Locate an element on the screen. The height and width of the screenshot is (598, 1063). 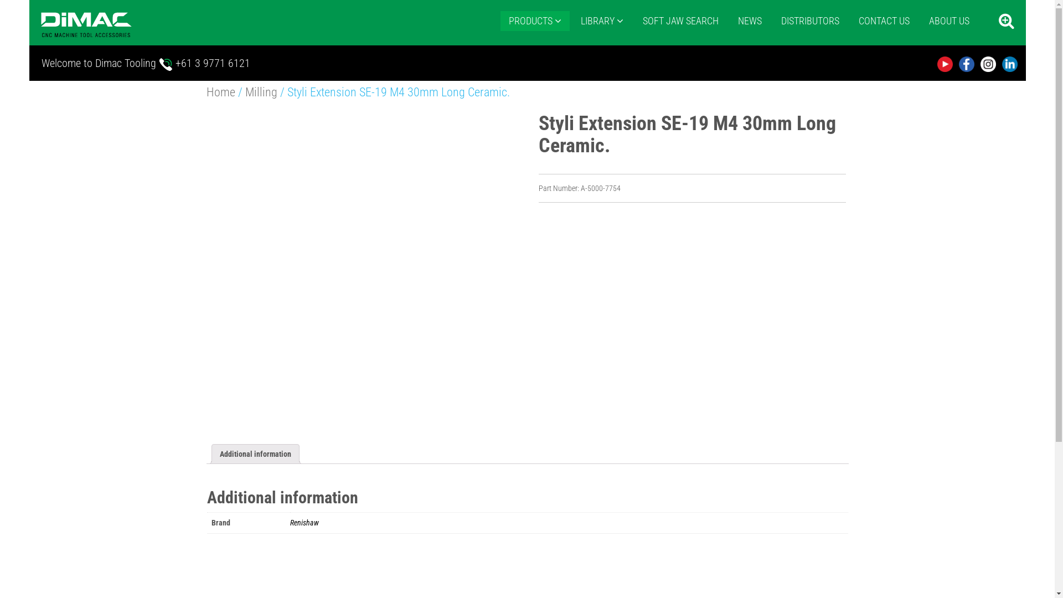
'Home' is located at coordinates (220, 91).